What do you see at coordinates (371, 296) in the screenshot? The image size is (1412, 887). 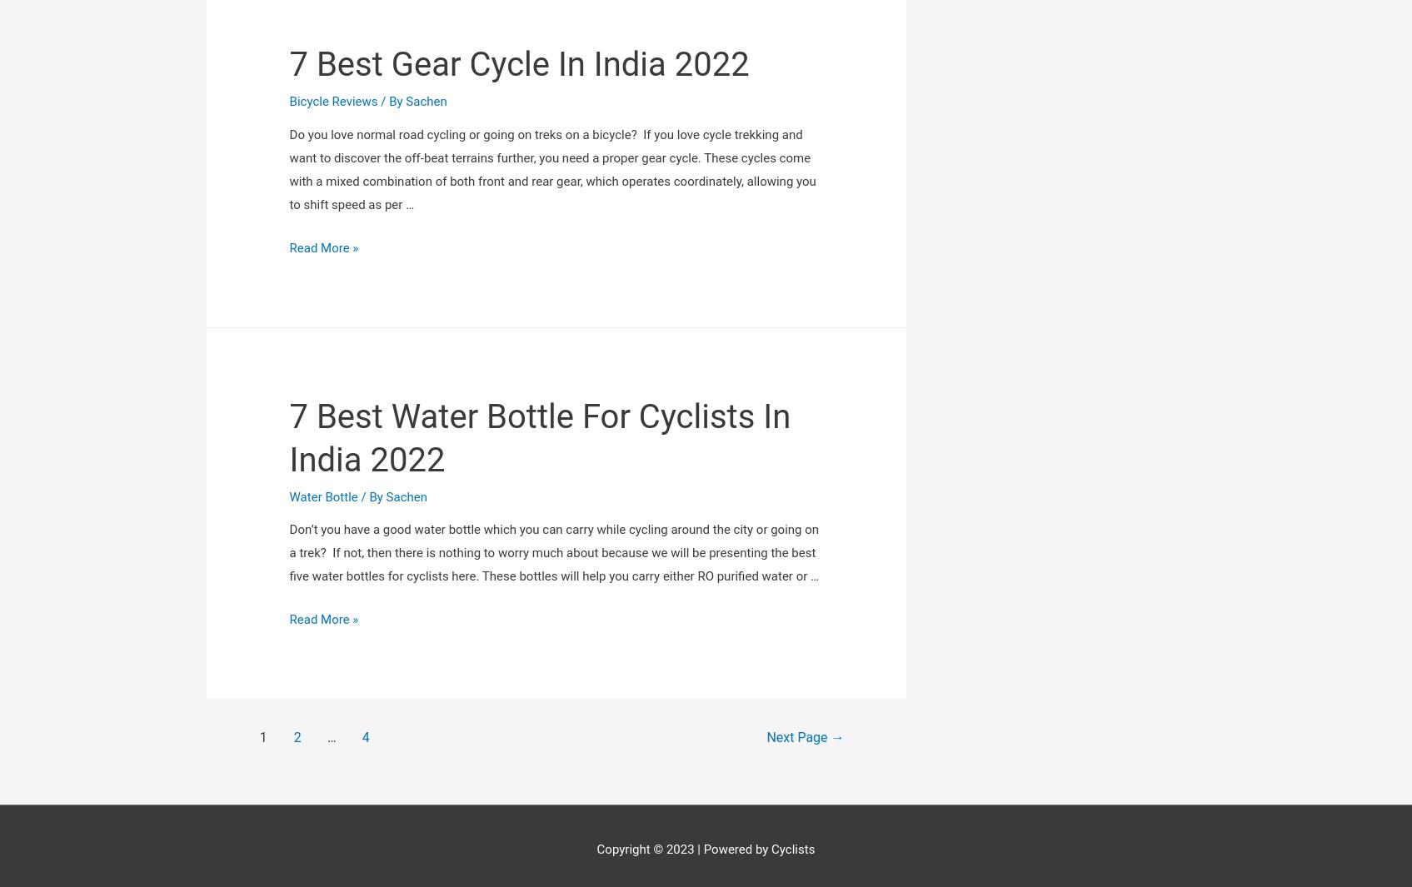 I see `'/ By'` at bounding box center [371, 296].